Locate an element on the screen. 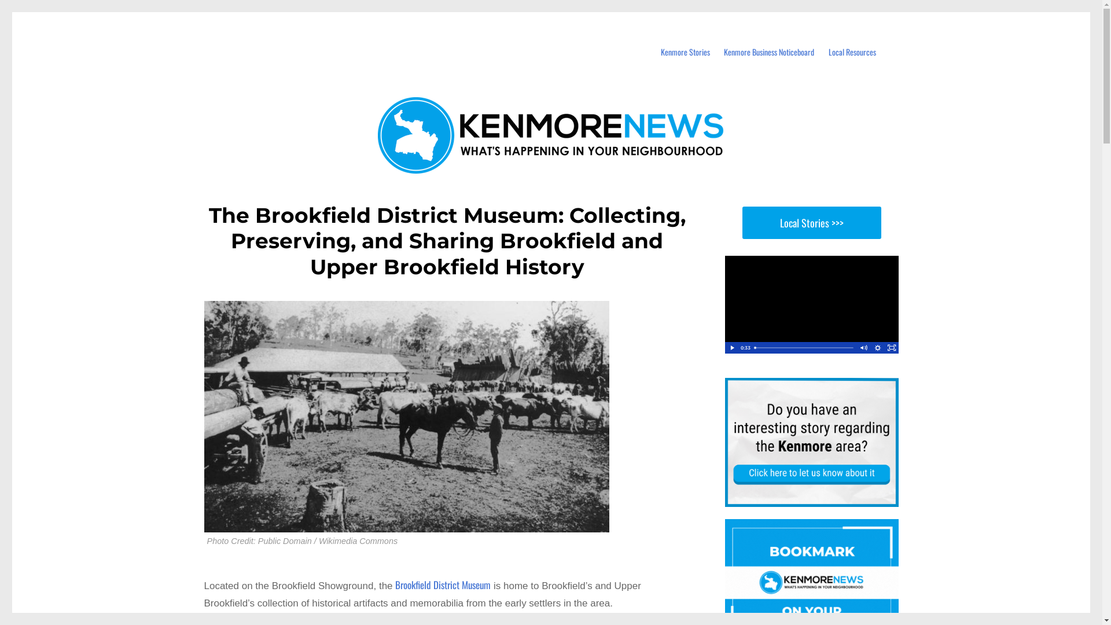 This screenshot has height=625, width=1111. 'Local Stories >>>' is located at coordinates (810, 223).